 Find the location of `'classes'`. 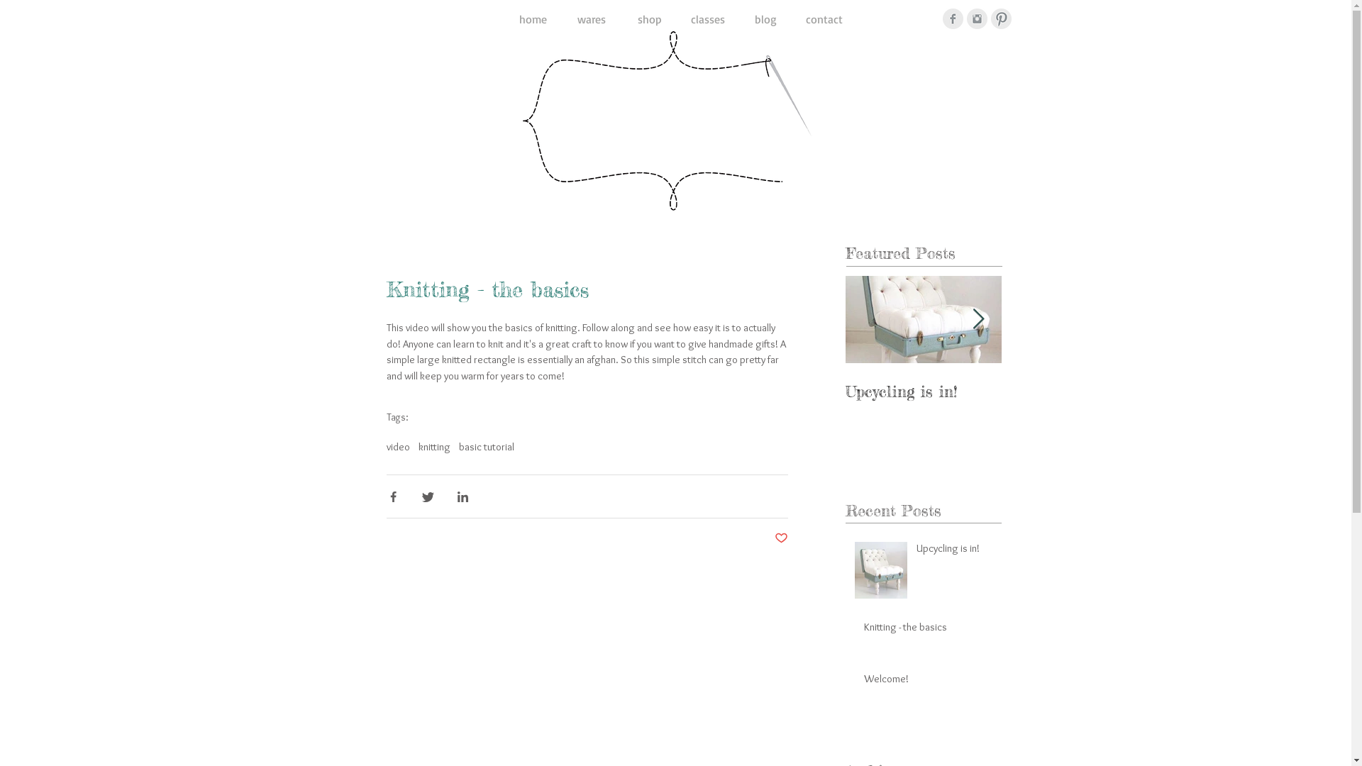

'classes' is located at coordinates (707, 19).